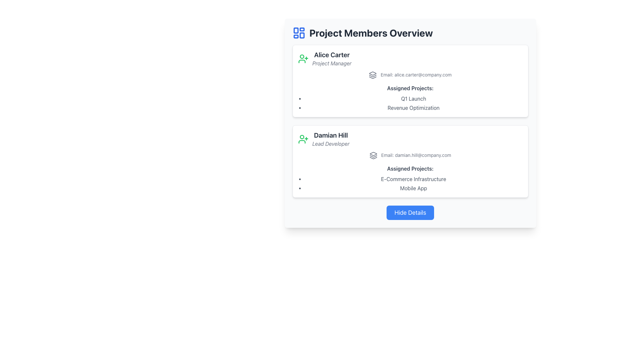  I want to click on the text label indicating the assigned project for user 'Damian Hill', which is the second item in the bulleted list under 'Assigned Projects', so click(413, 188).